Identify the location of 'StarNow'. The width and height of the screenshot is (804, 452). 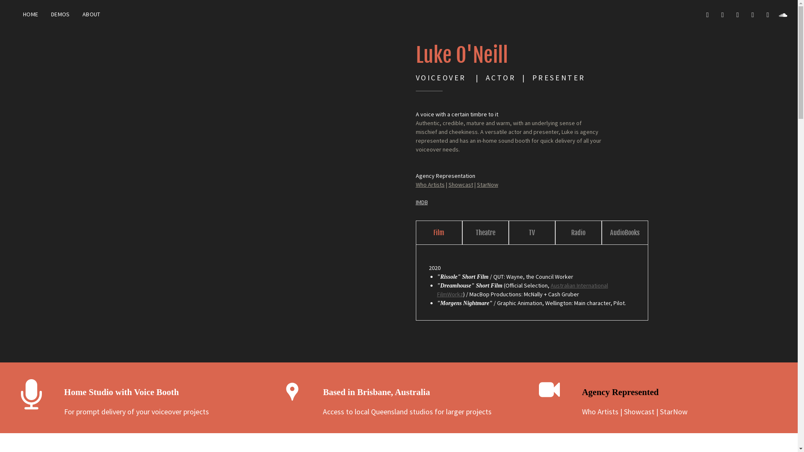
(673, 411).